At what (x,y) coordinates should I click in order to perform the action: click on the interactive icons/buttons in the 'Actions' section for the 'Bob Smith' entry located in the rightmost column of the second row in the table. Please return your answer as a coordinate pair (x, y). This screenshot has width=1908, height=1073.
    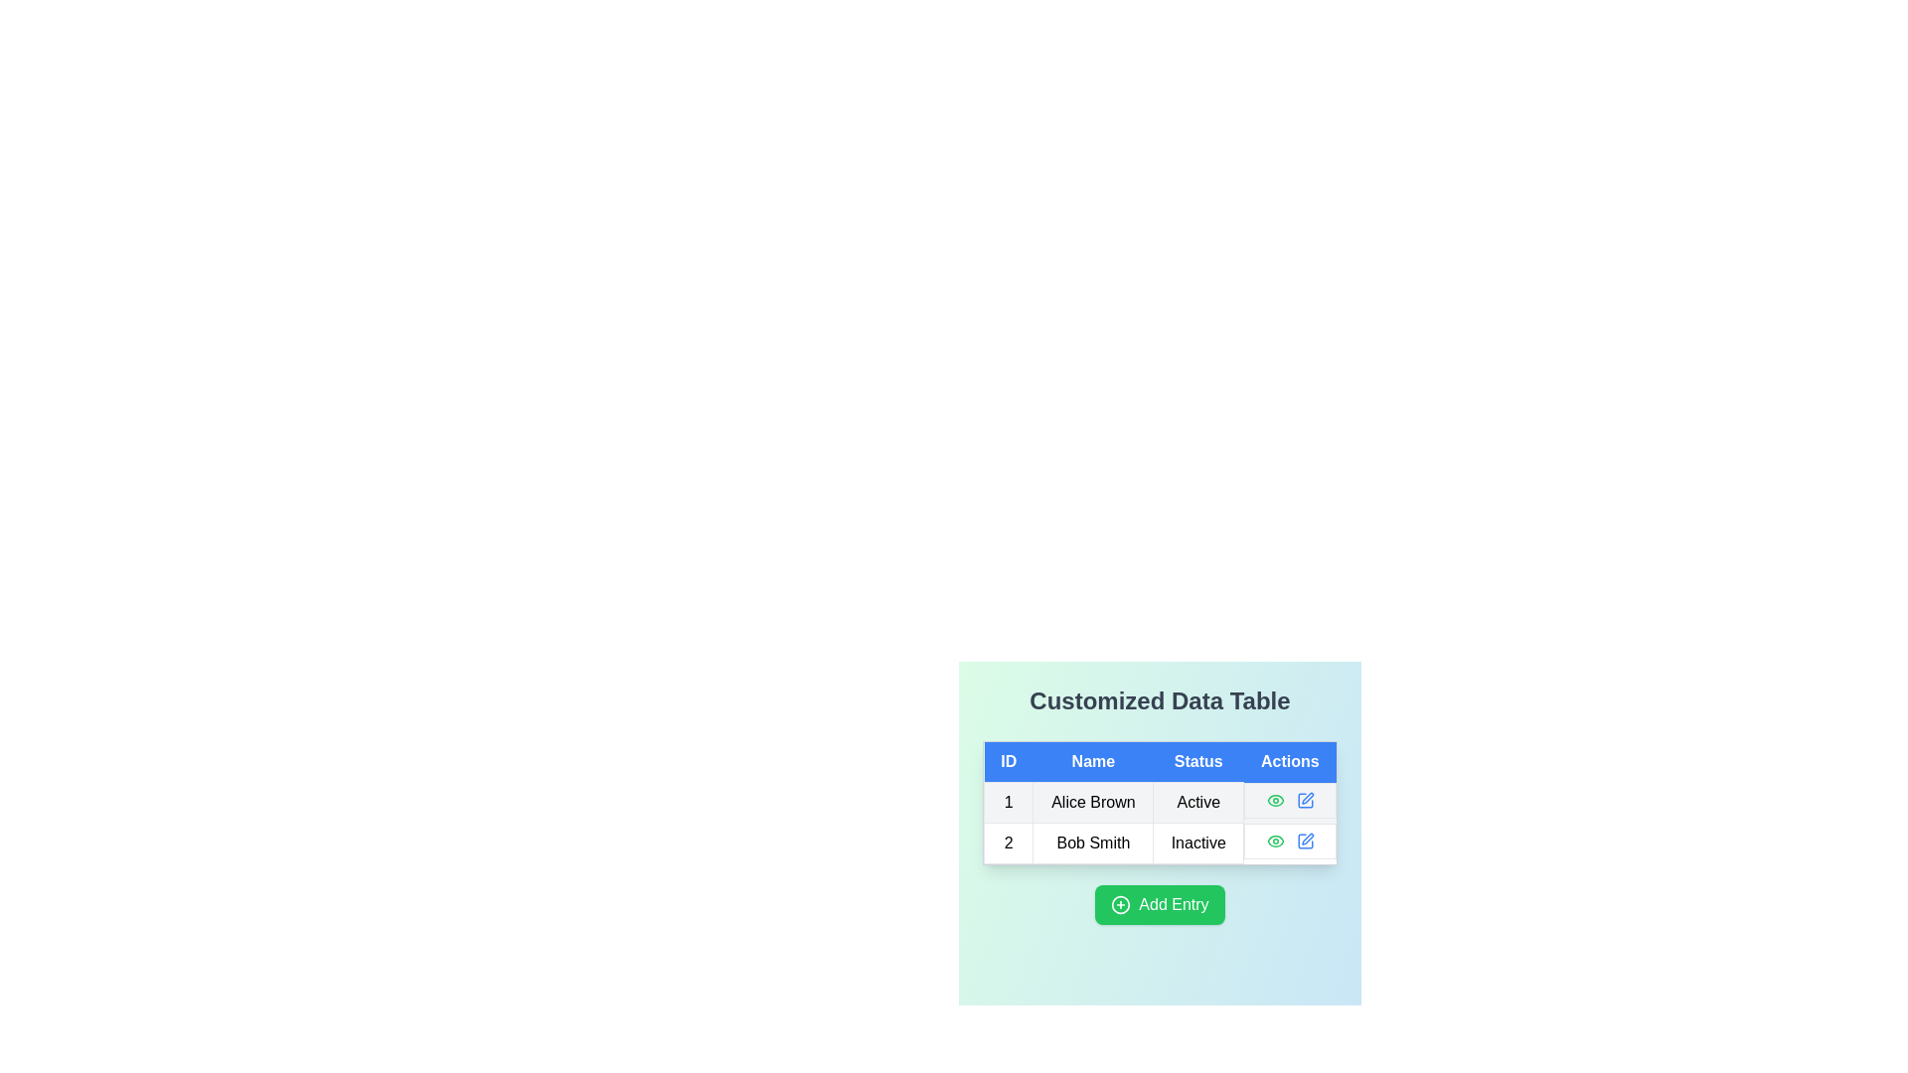
    Looking at the image, I should click on (1290, 841).